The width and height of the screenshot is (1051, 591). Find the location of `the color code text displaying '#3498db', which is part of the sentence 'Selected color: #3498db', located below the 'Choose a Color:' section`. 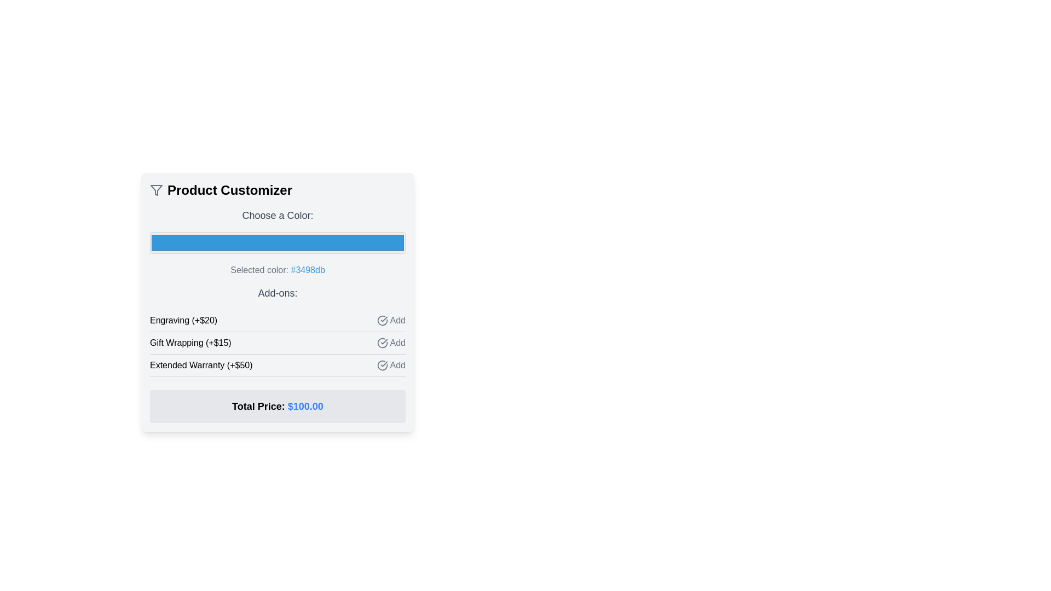

the color code text displaying '#3498db', which is part of the sentence 'Selected color: #3498db', located below the 'Choose a Color:' section is located at coordinates (307, 270).